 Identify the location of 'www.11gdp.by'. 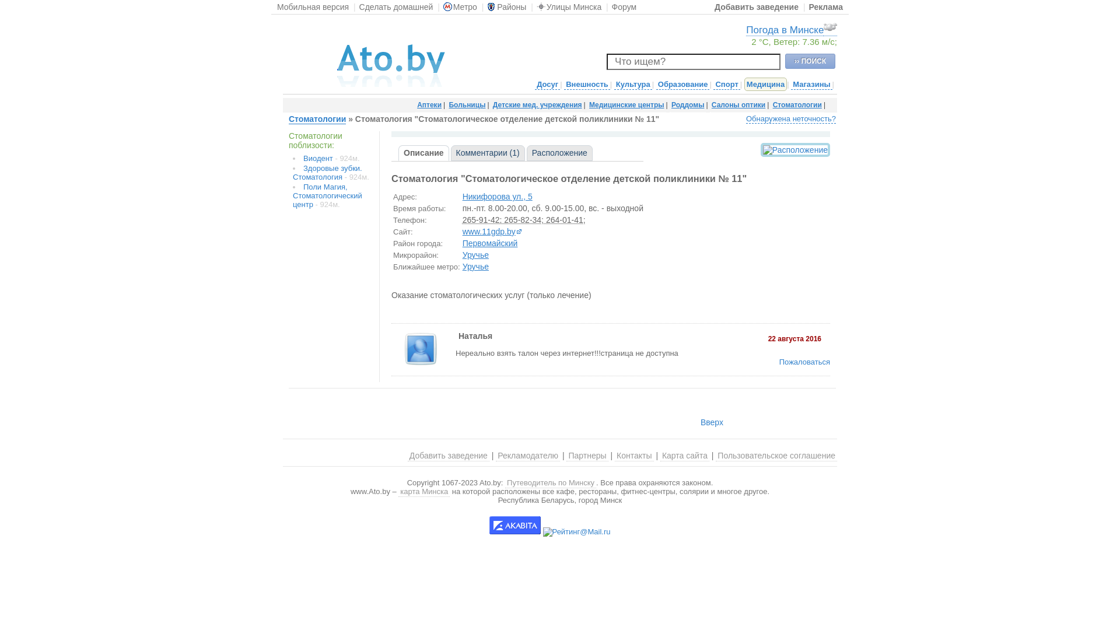
(492, 232).